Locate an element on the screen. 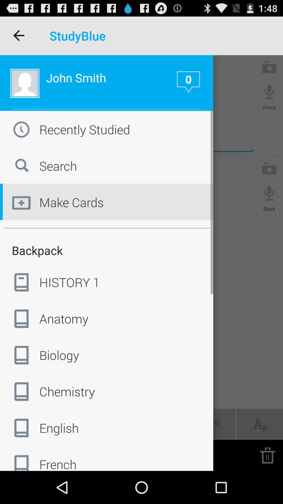 The height and width of the screenshot is (504, 283). the microphone icon is located at coordinates (269, 206).